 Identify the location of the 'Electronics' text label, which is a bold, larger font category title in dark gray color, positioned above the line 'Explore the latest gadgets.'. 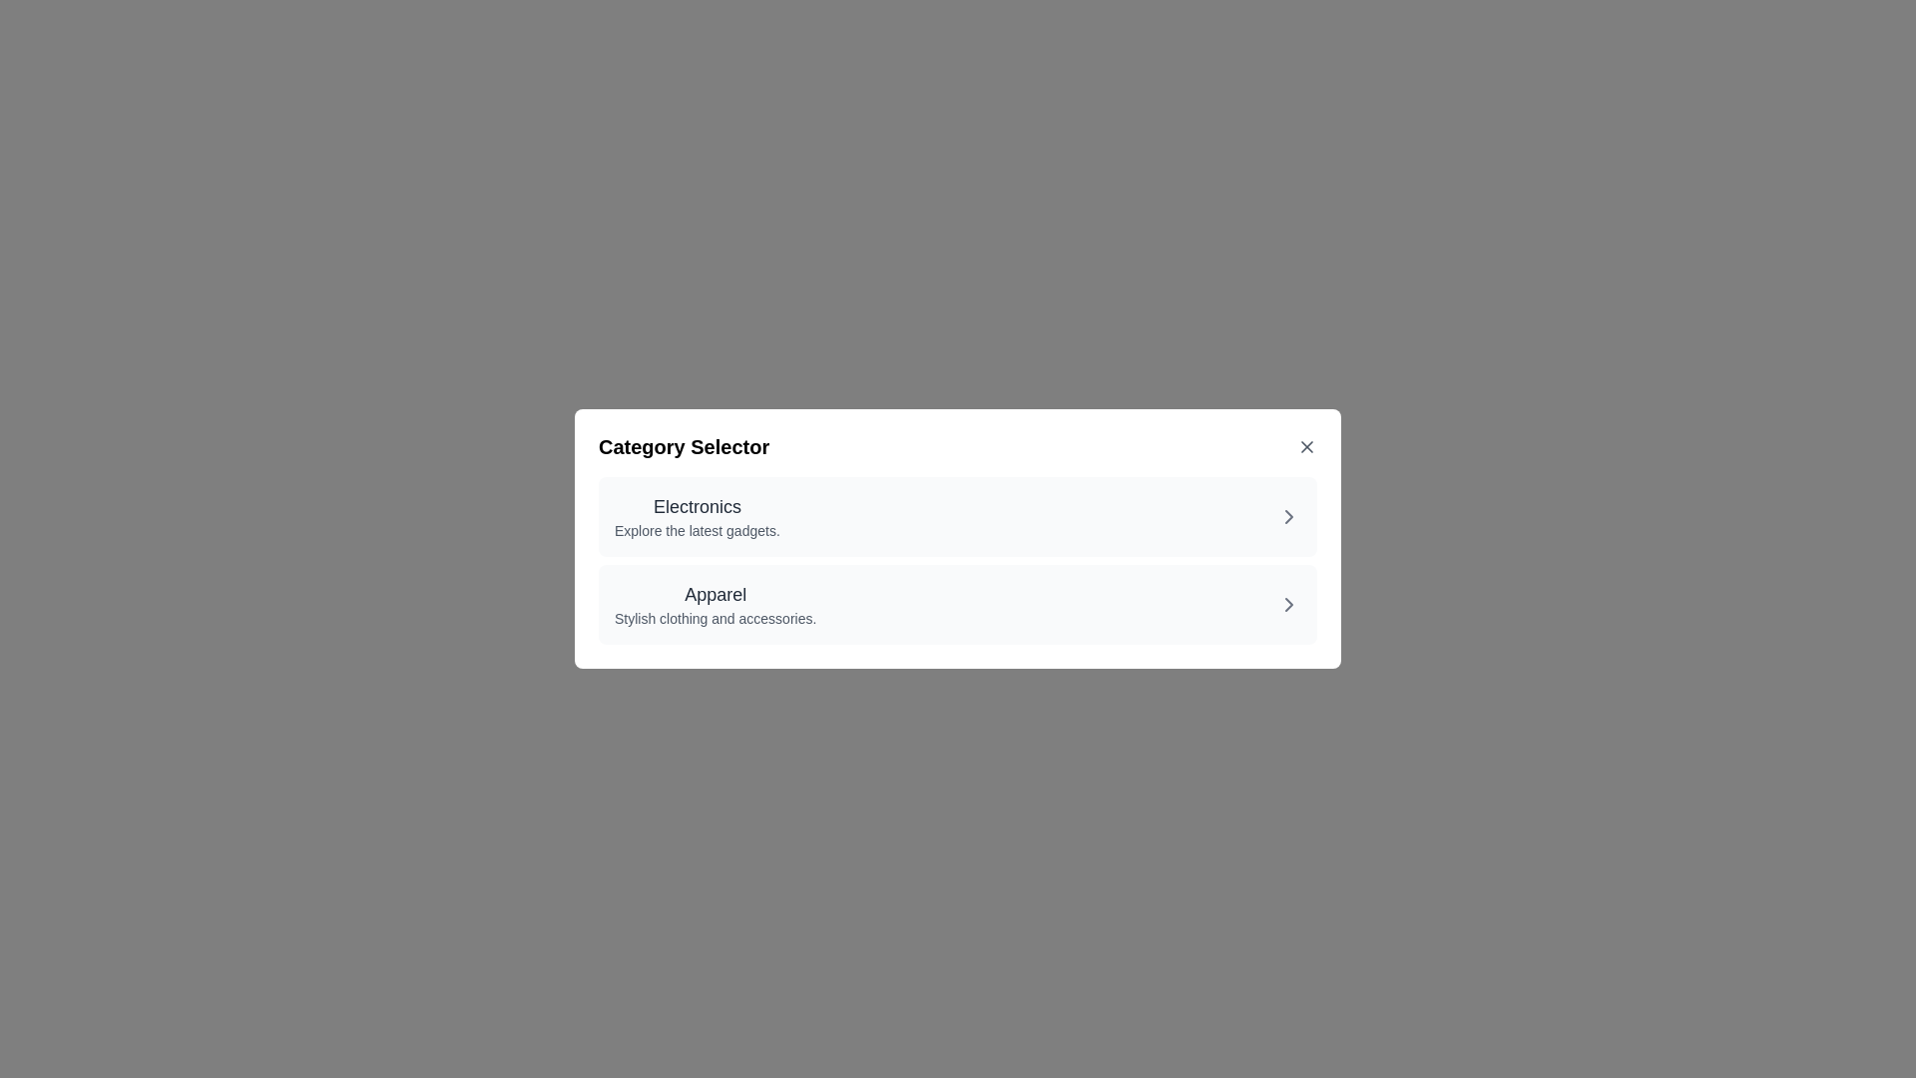
(697, 506).